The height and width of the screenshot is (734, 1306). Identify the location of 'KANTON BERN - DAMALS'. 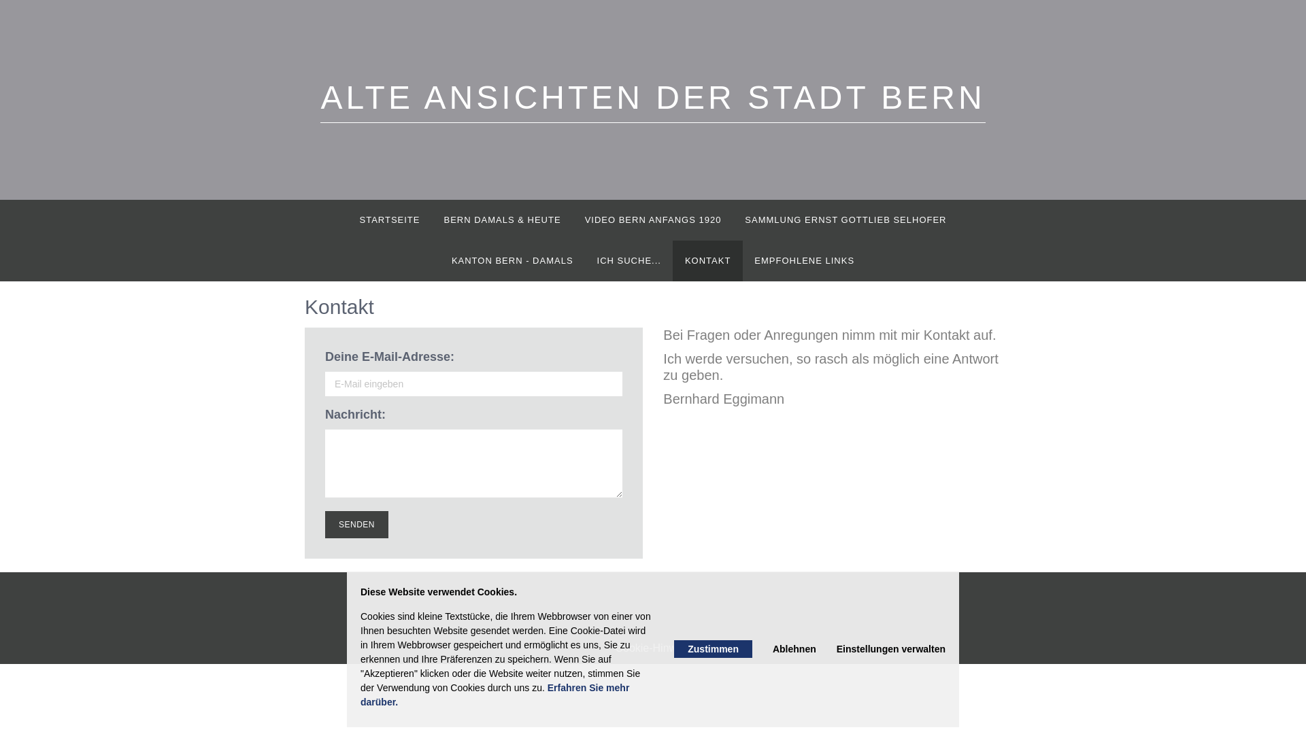
(512, 261).